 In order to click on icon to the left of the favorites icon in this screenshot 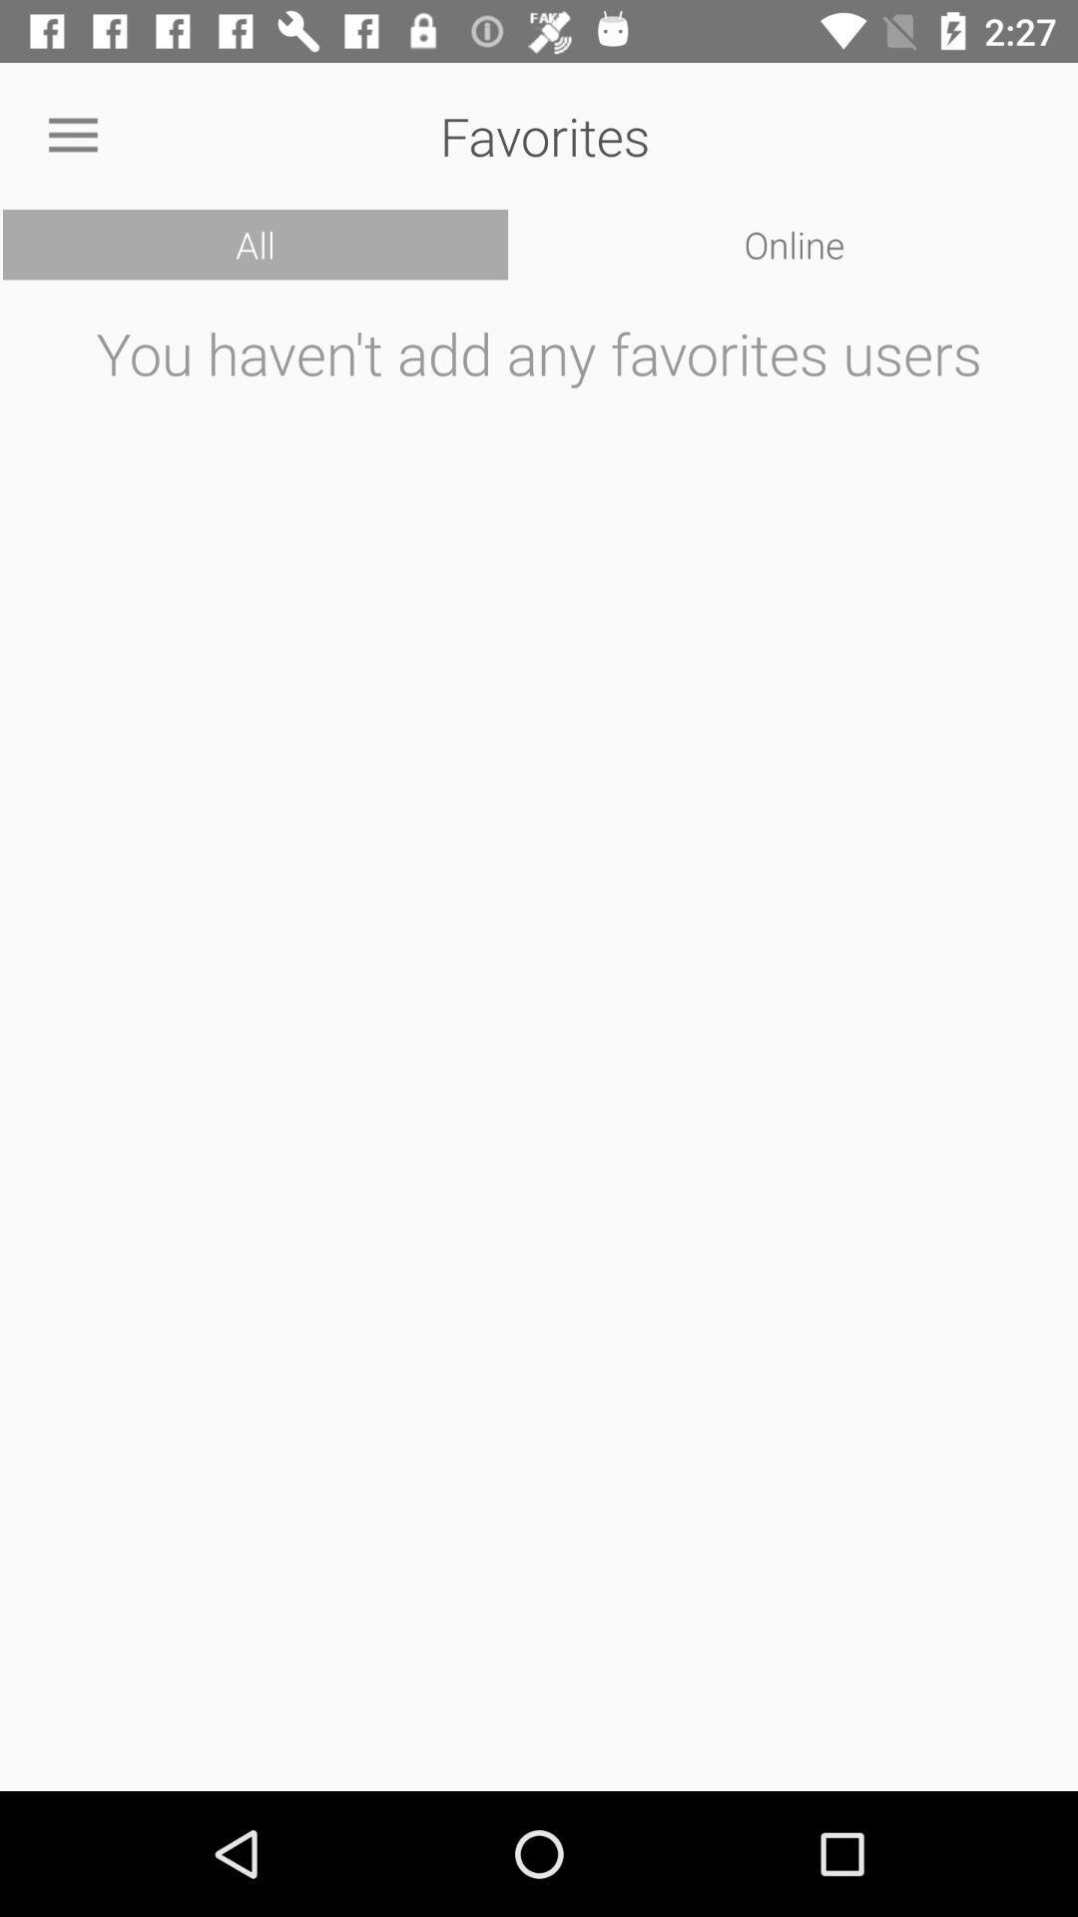, I will do `click(72, 135)`.